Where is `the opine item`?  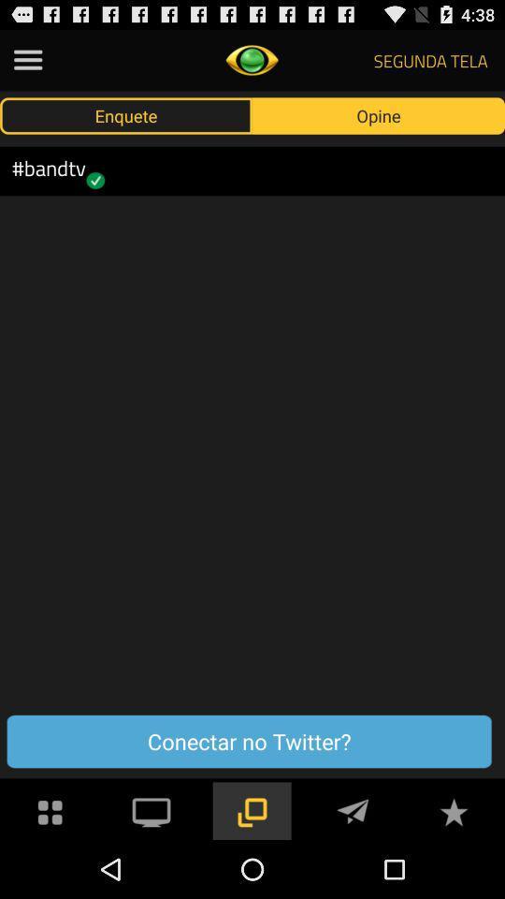 the opine item is located at coordinates (379, 114).